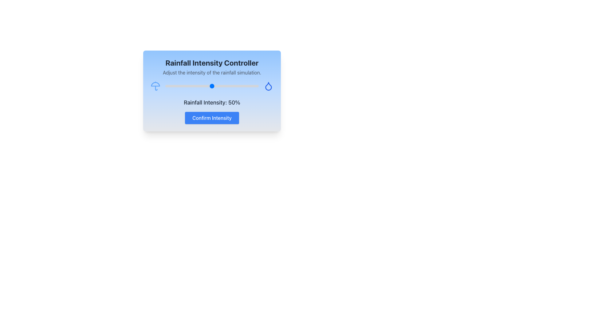 This screenshot has height=331, width=590. What do you see at coordinates (246, 86) in the screenshot?
I see `the rainfall intensity` at bounding box center [246, 86].